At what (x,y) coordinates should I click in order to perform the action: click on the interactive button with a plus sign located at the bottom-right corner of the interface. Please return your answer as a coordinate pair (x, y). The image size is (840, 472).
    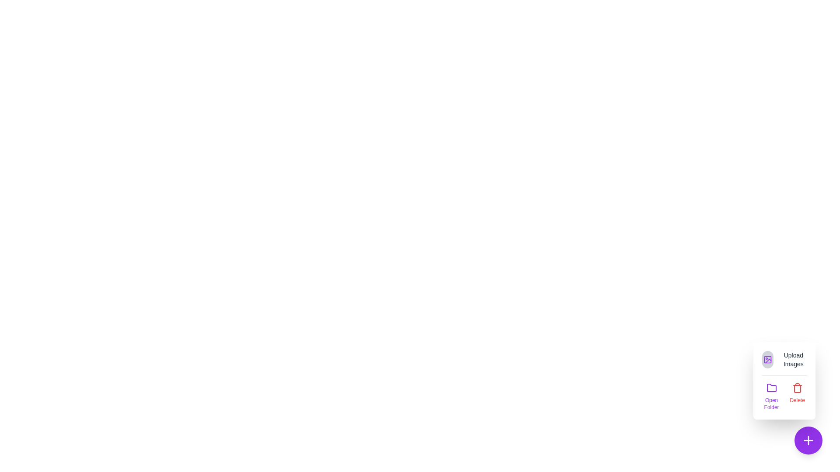
    Looking at the image, I should click on (808, 440).